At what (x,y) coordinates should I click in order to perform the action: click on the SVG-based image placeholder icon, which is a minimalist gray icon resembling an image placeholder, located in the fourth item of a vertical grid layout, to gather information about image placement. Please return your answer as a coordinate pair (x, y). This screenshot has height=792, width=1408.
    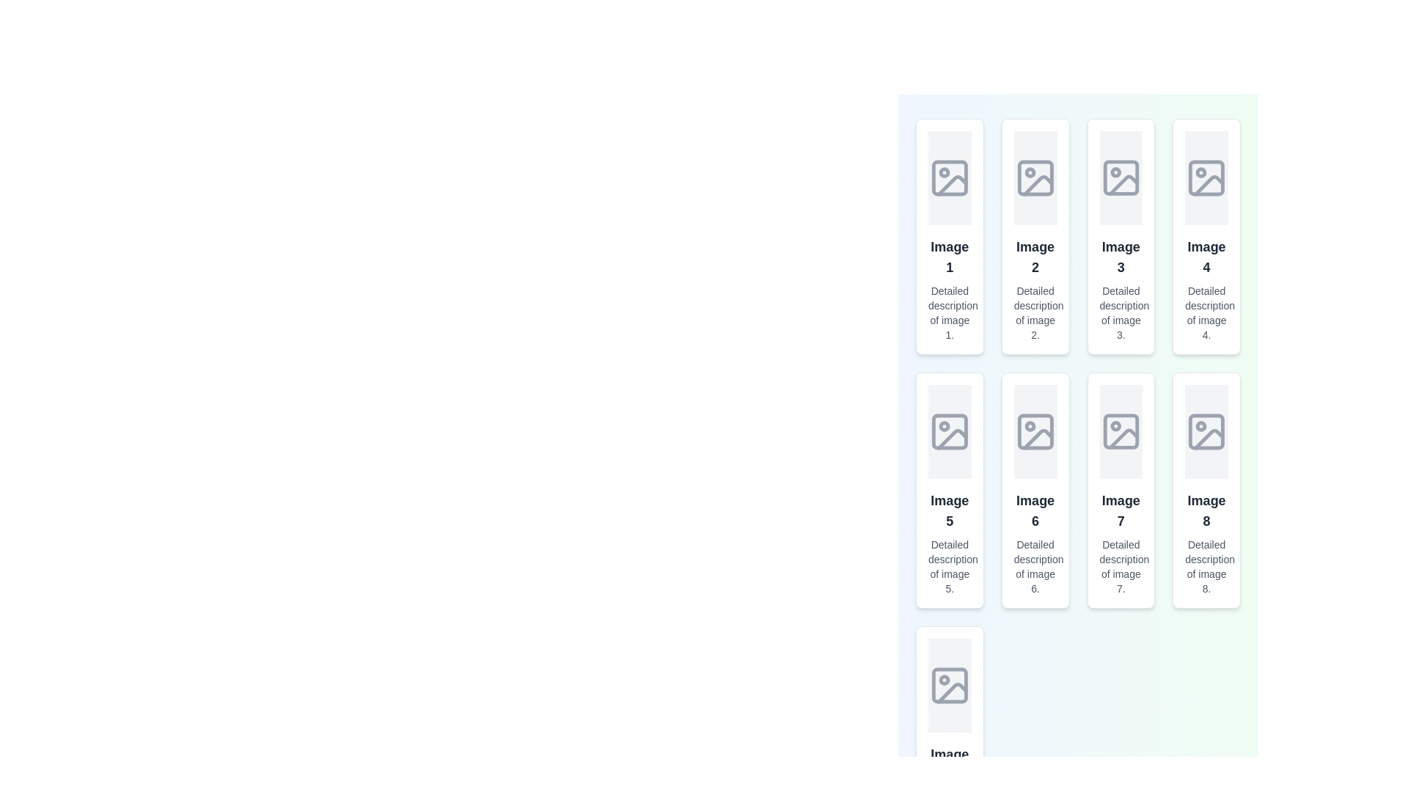
    Looking at the image, I should click on (1206, 177).